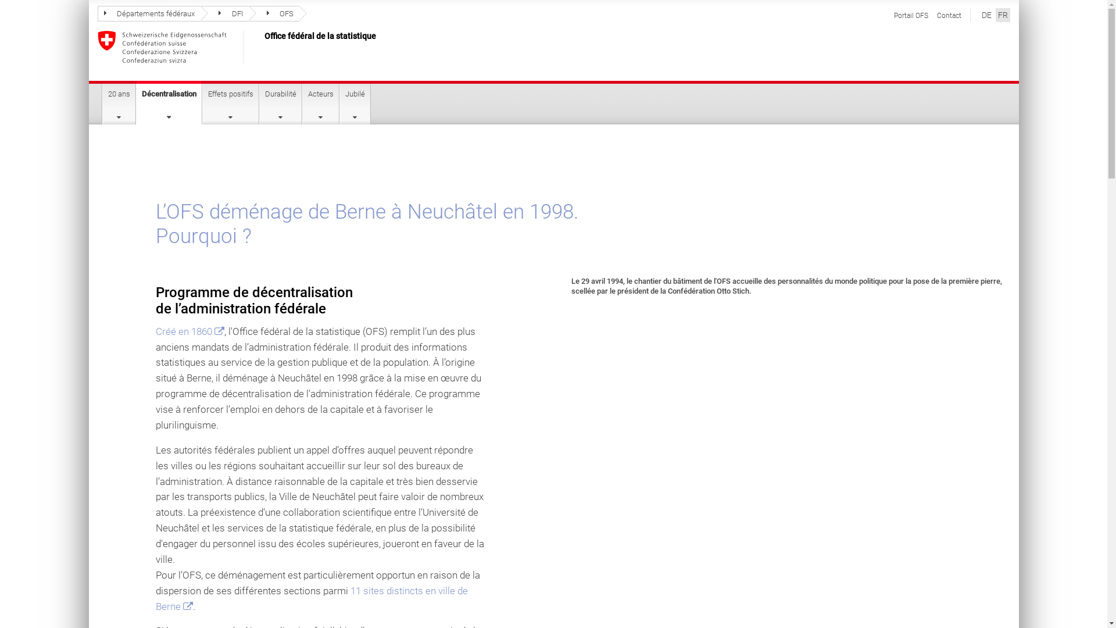 Image resolution: width=1116 pixels, height=628 pixels. I want to click on 'OFS', so click(248, 13).